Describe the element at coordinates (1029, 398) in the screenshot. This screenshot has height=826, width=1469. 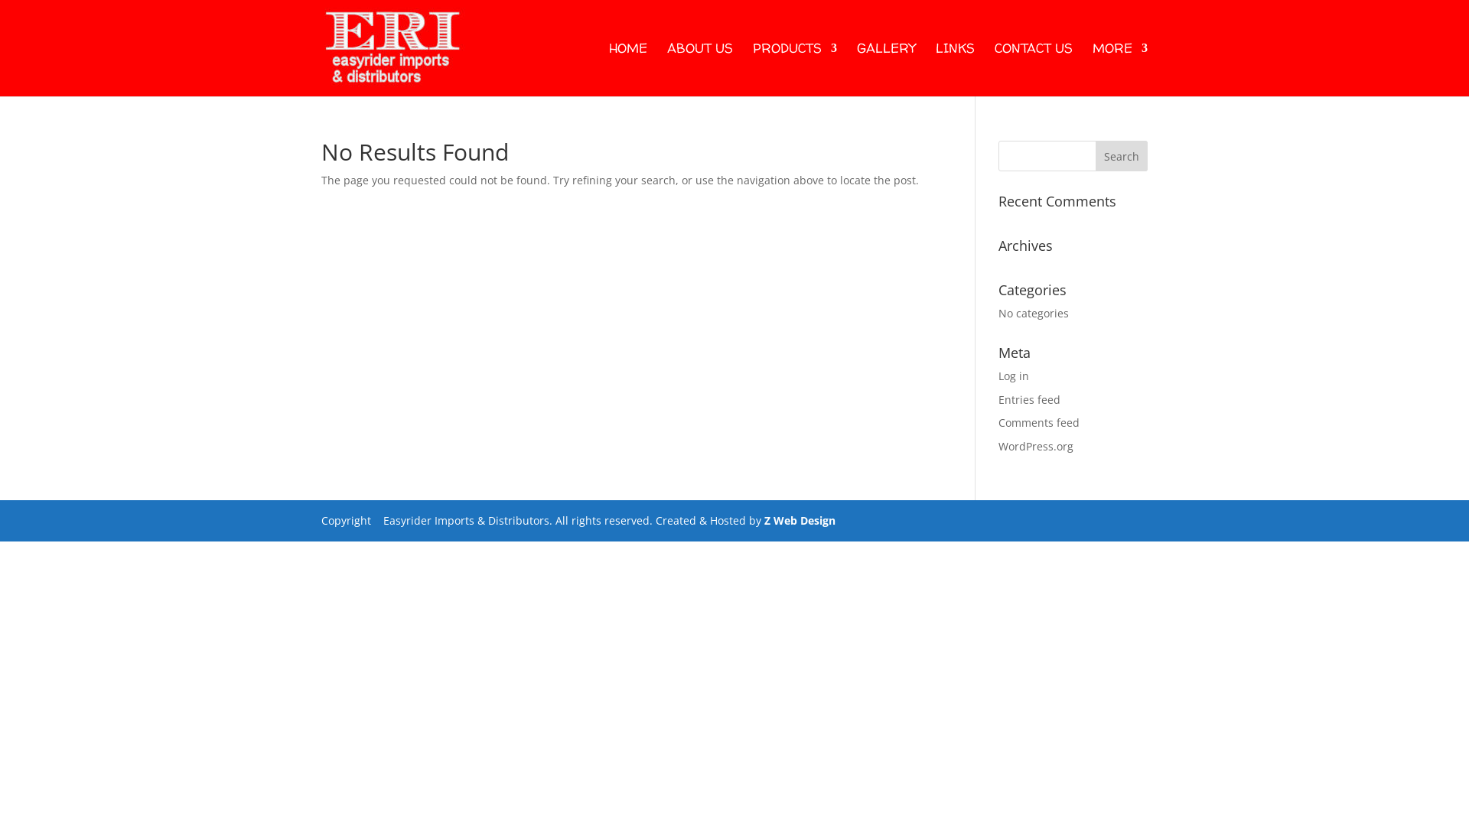
I see `'Entries feed'` at that location.